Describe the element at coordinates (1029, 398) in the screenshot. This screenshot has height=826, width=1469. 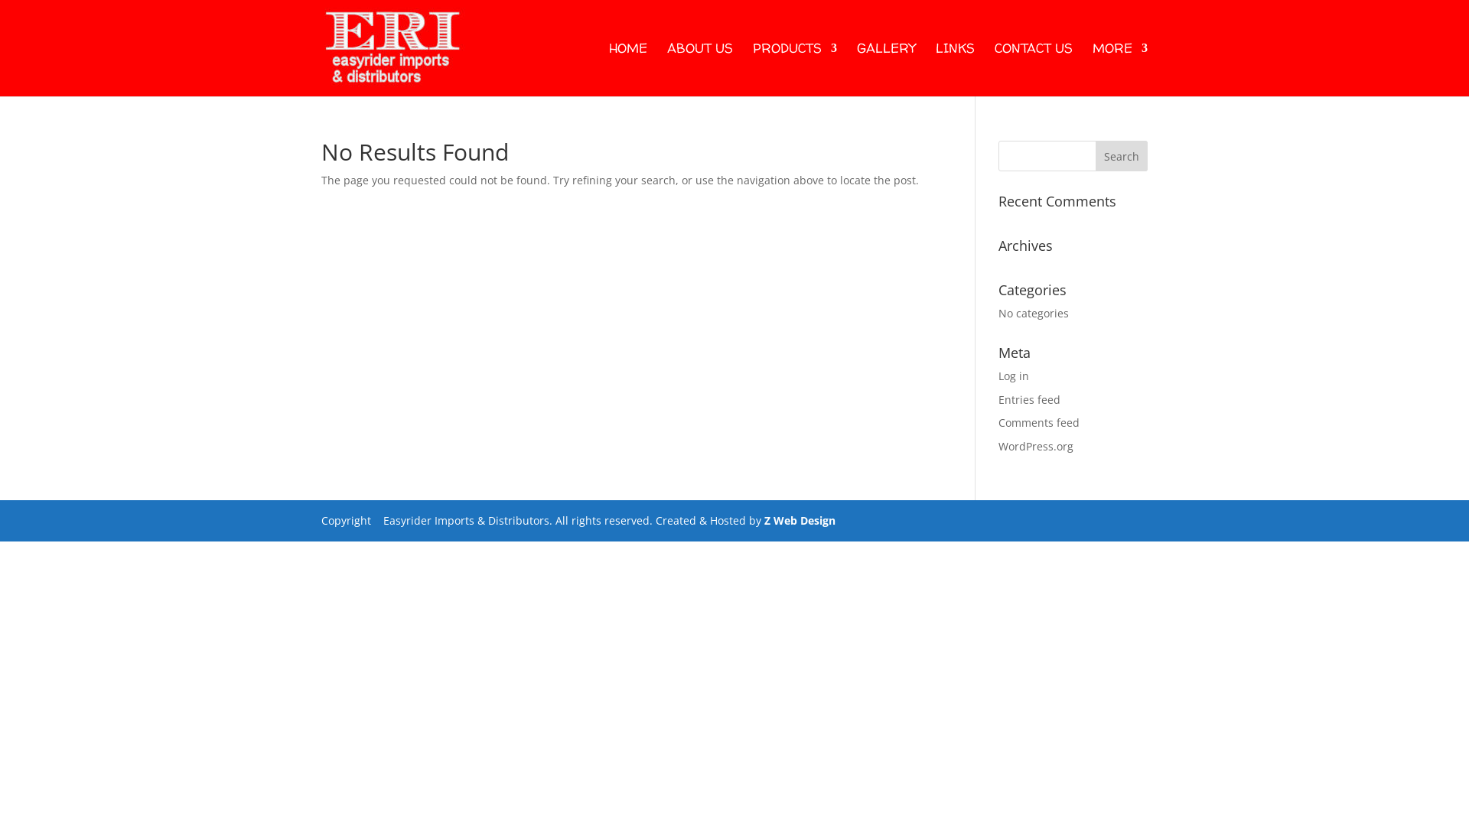
I see `'Entries feed'` at that location.